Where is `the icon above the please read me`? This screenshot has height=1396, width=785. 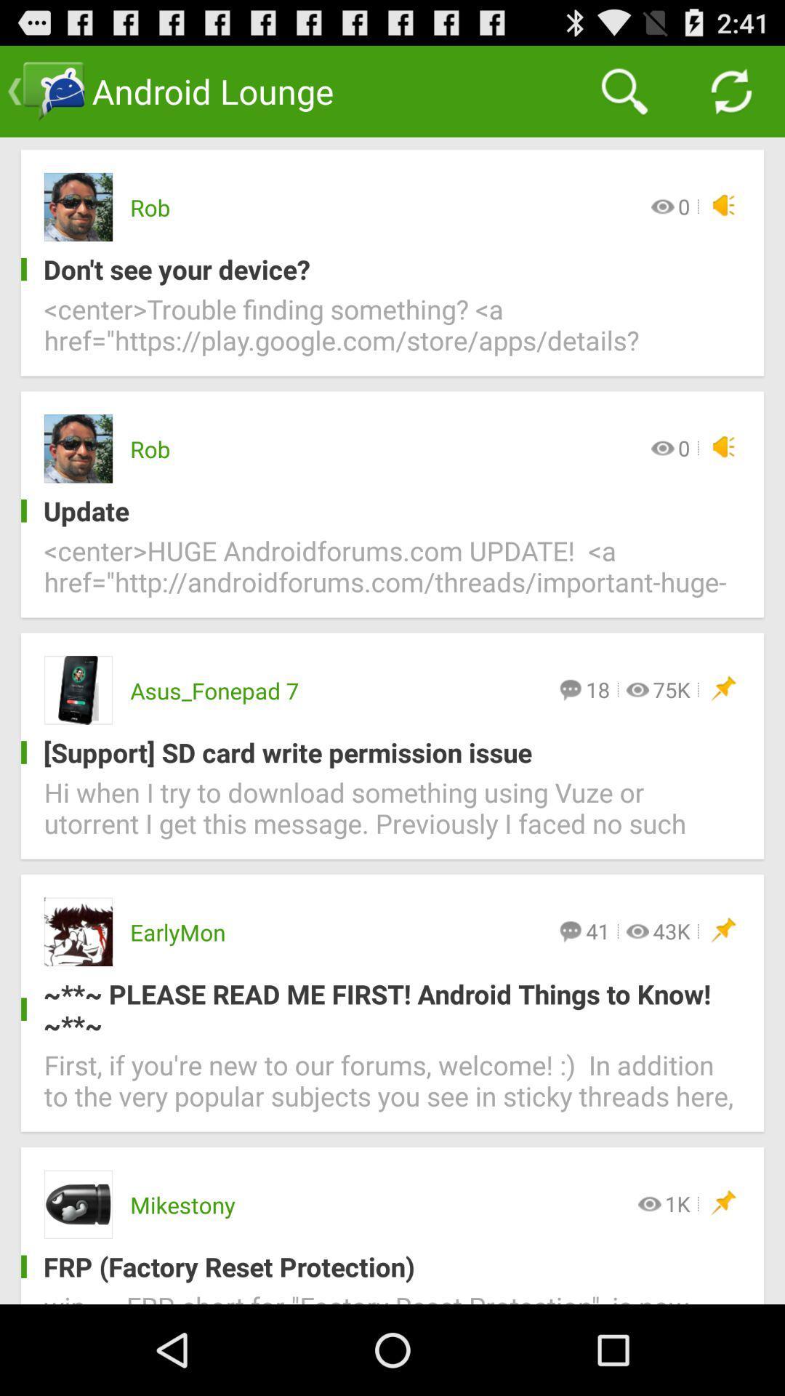 the icon above the please read me is located at coordinates (672, 931).